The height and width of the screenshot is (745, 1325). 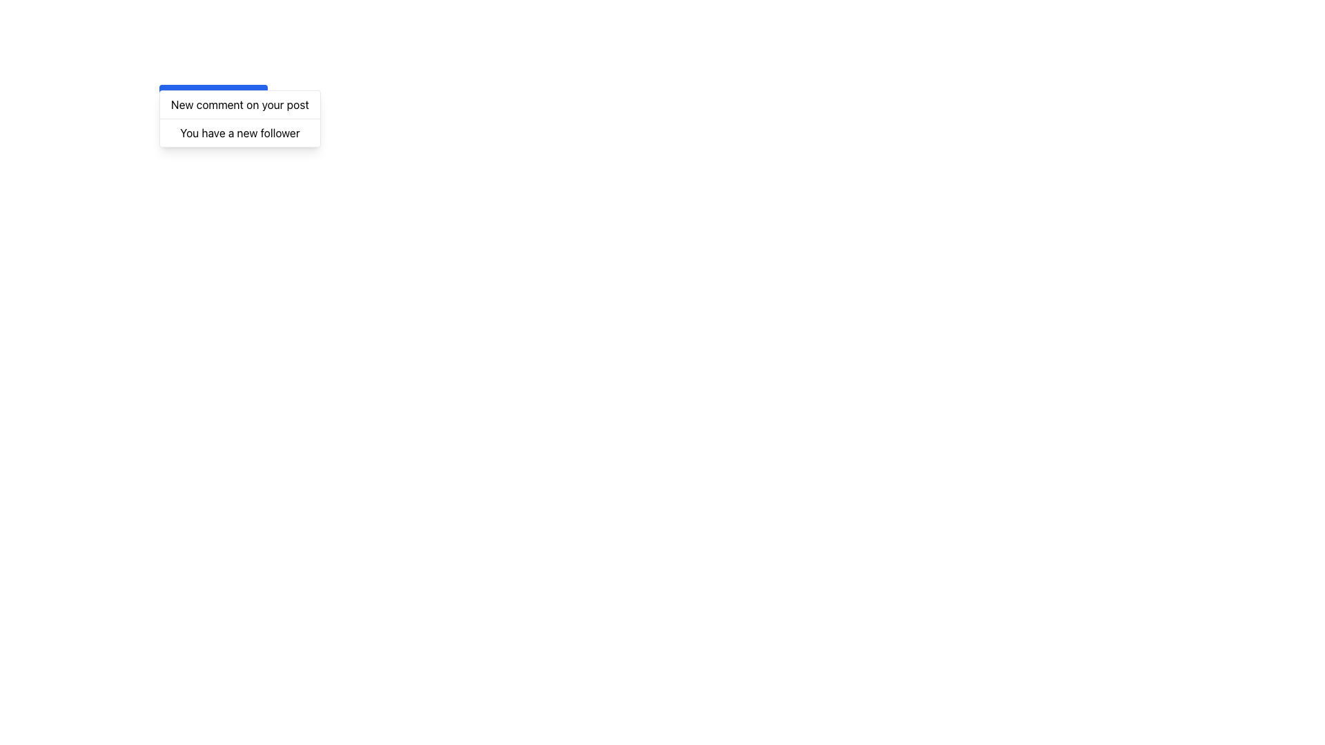 I want to click on the blue bell icon which is part of a notification badge located above a dropdown menu, positioned to the left of the notification text 'New comment on your post', so click(x=174, y=96).